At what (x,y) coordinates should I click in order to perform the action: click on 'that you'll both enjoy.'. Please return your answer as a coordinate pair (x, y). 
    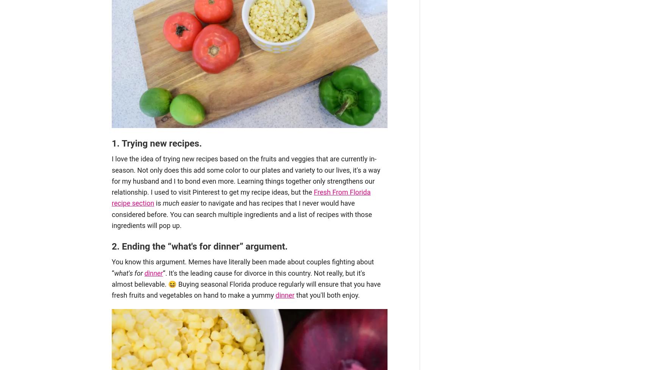
    Looking at the image, I should click on (326, 295).